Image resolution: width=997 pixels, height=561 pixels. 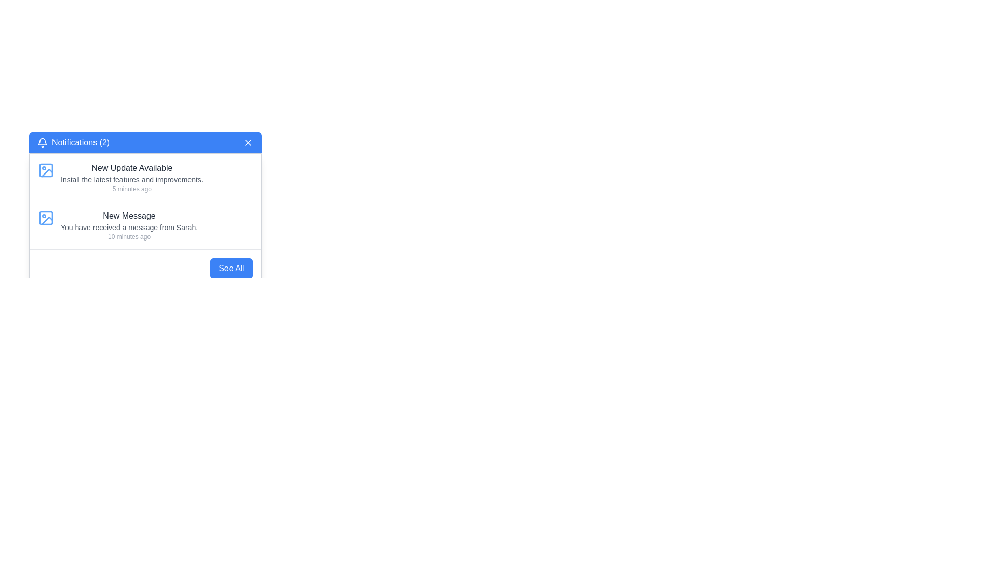 What do you see at coordinates (131, 168) in the screenshot?
I see `the notification title text that informs the user about the availability of a new update` at bounding box center [131, 168].